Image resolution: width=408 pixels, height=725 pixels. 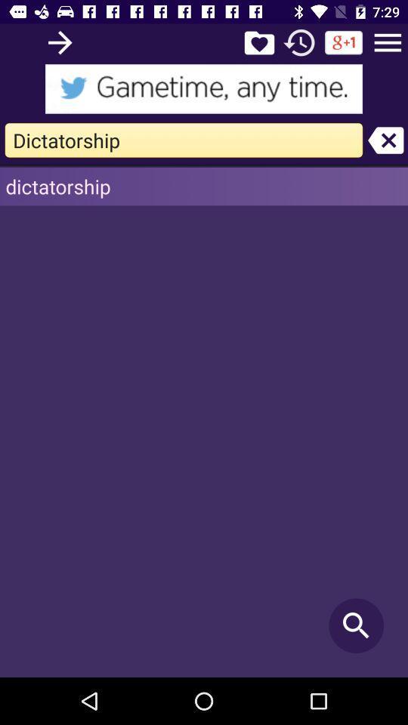 I want to click on the close icon, so click(x=385, y=140).